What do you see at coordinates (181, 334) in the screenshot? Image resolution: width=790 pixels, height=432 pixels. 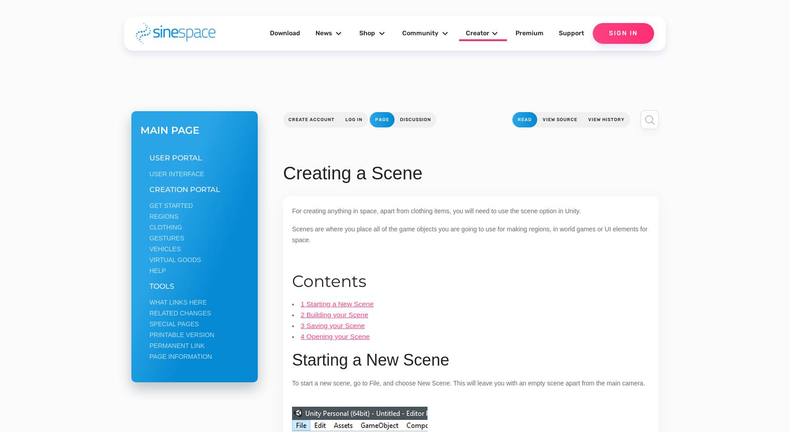 I see `'Printable version'` at bounding box center [181, 334].